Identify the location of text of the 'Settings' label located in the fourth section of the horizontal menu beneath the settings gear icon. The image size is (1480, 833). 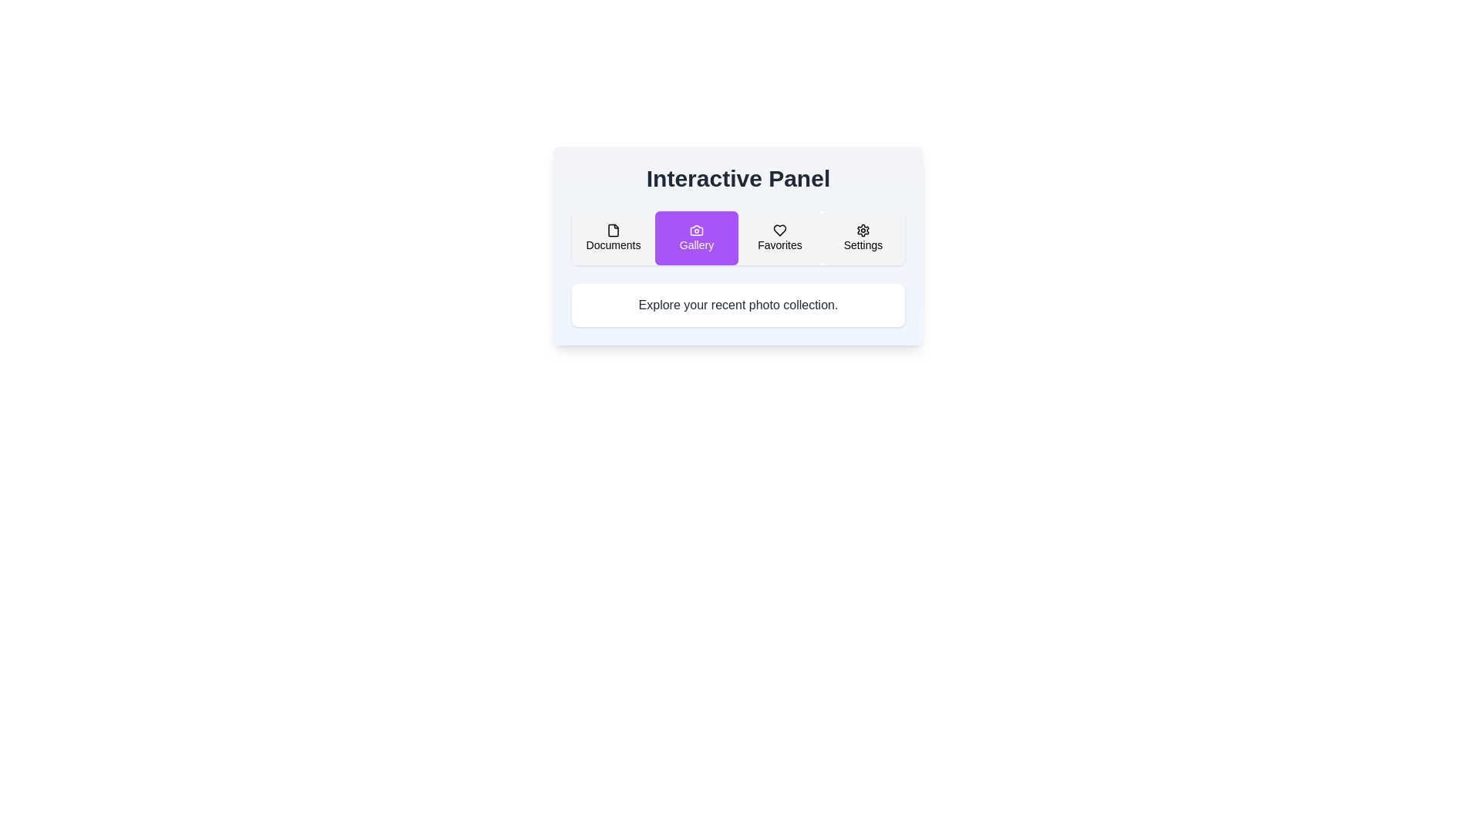
(862, 244).